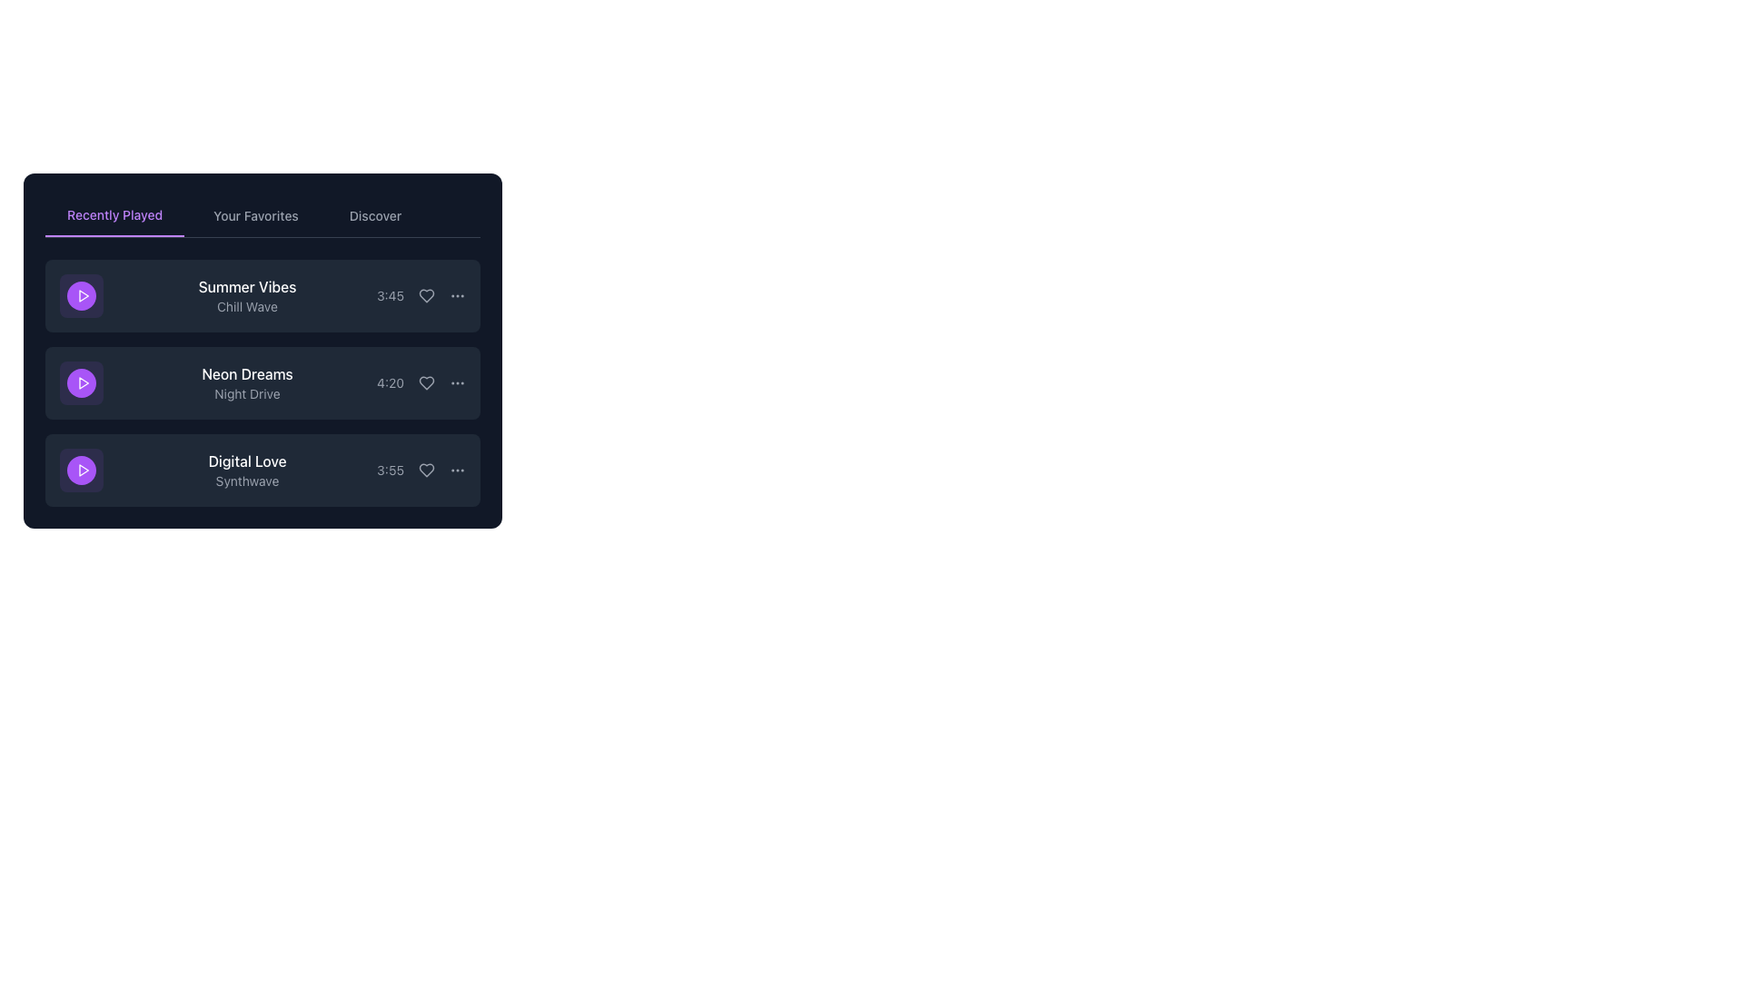  What do you see at coordinates (246, 461) in the screenshot?
I see `the text label displaying the title of a particular music track, located above the 'Synthwave' label in the 'Recently Played' section` at bounding box center [246, 461].